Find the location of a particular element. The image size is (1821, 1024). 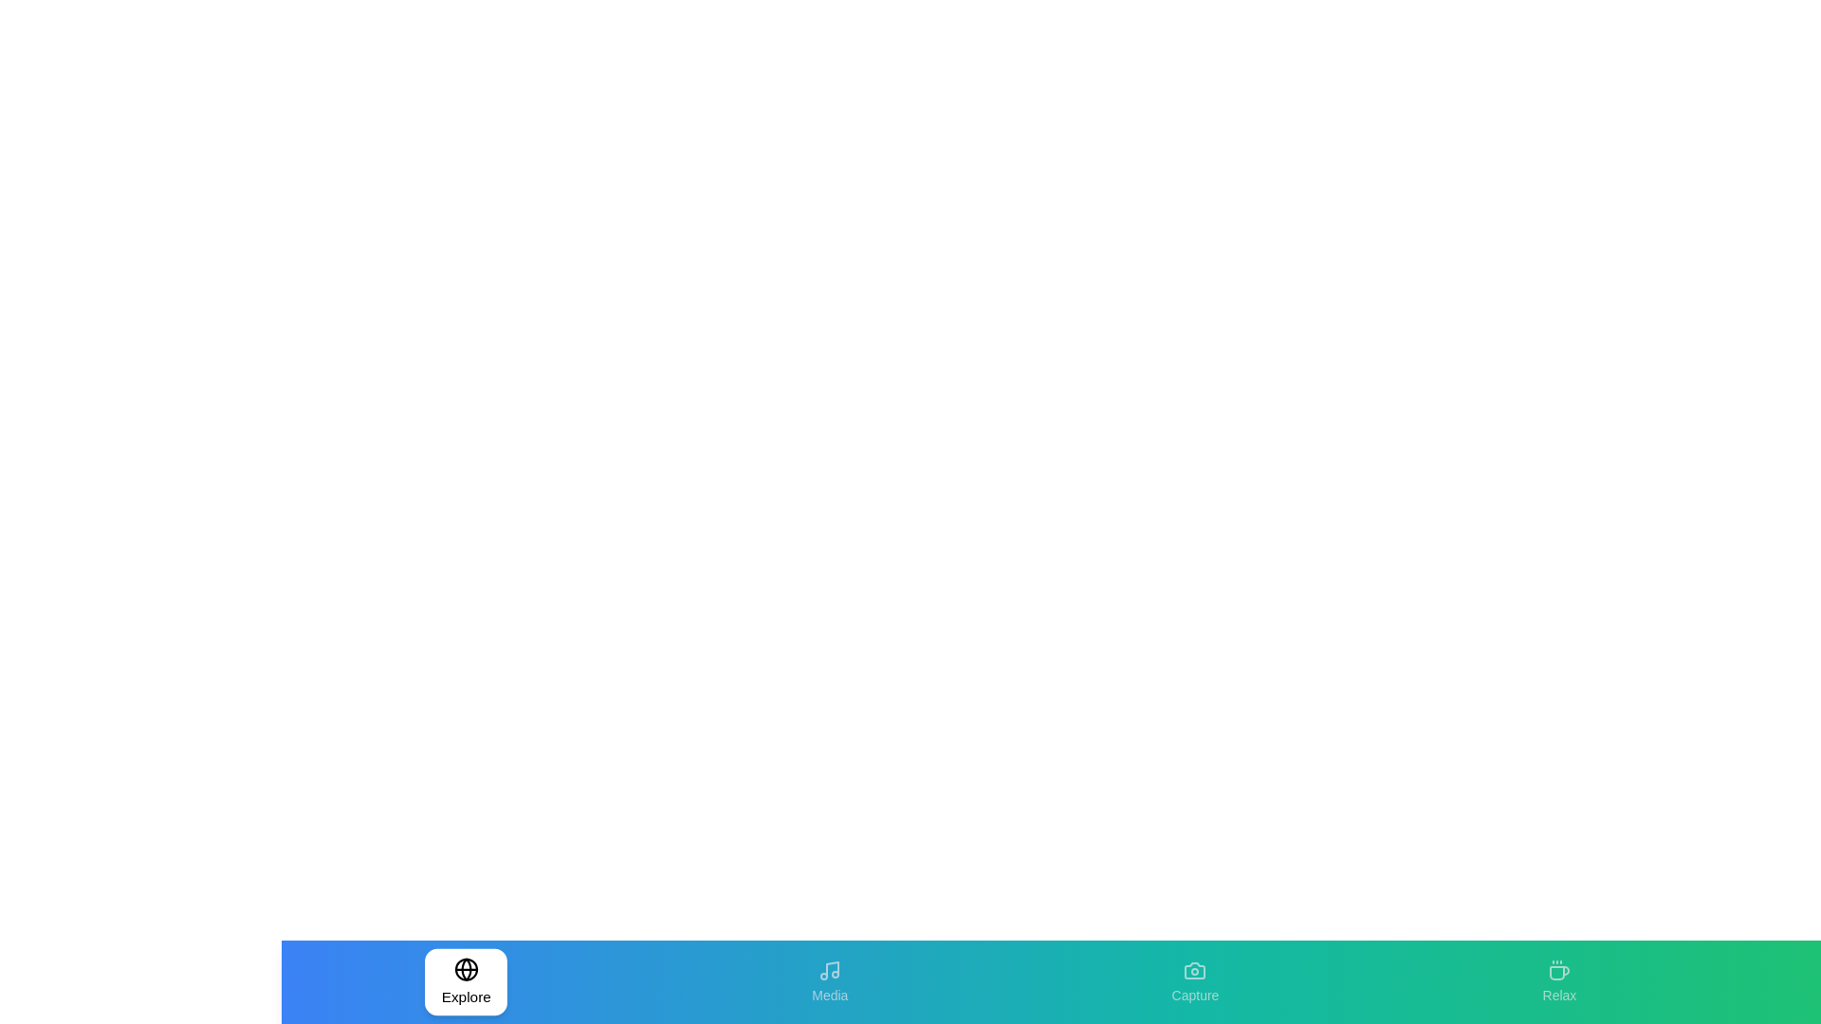

the Capture tab to observe its visual feedback is located at coordinates (1193, 981).